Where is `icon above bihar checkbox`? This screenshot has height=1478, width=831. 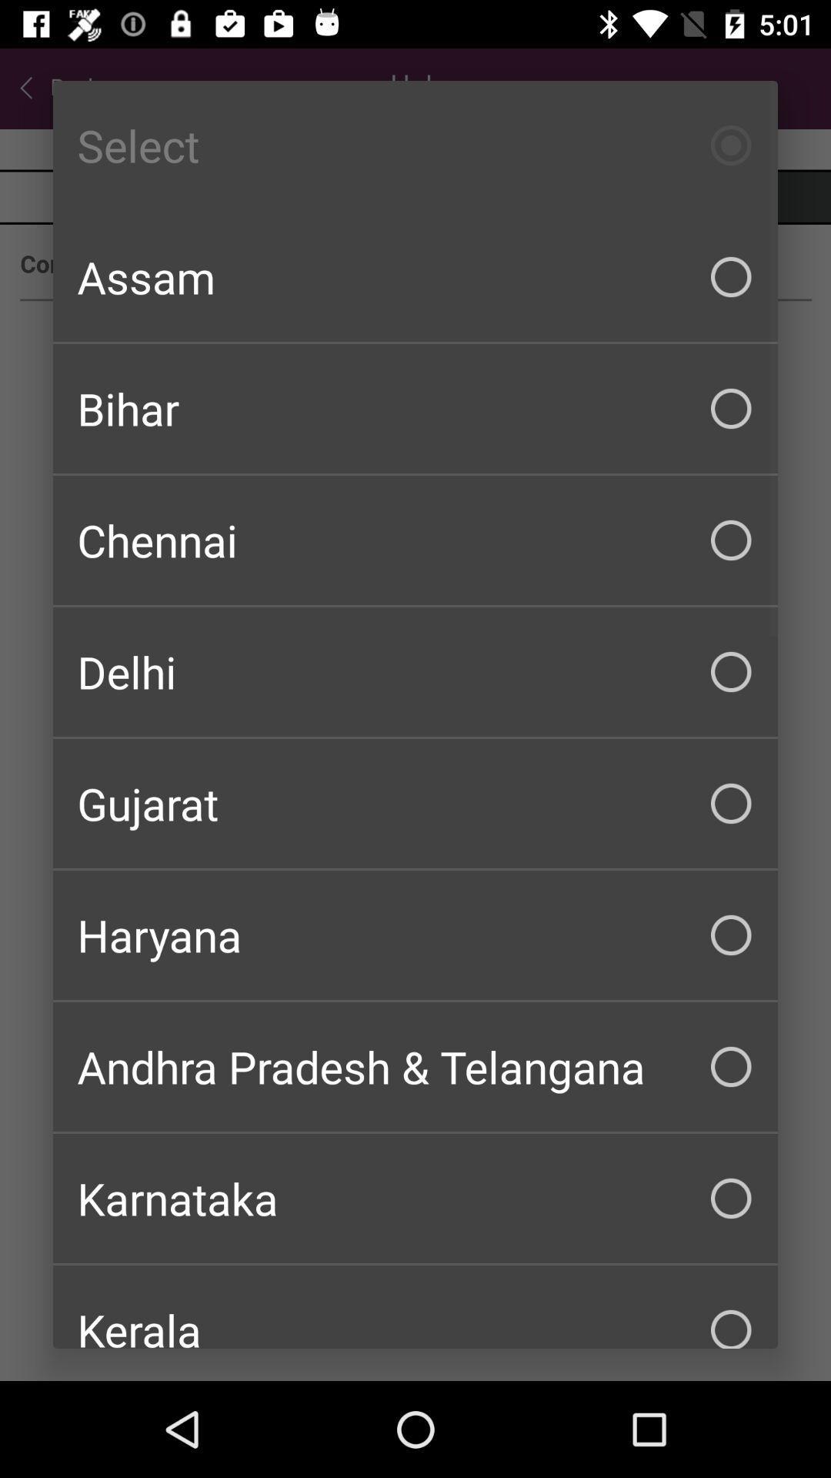 icon above bihar checkbox is located at coordinates (415, 277).